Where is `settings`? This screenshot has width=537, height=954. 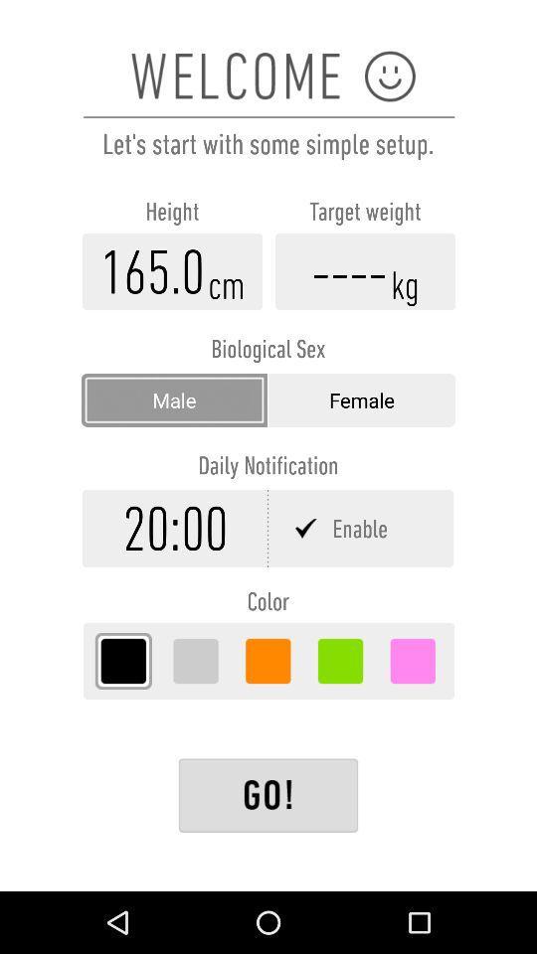
settings is located at coordinates (268, 795).